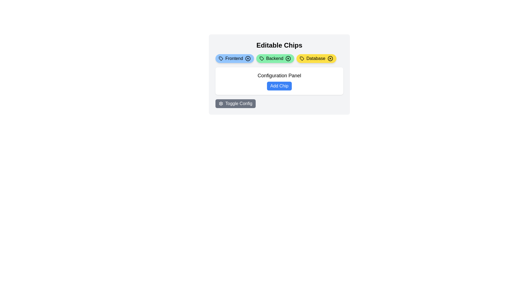 This screenshot has height=297, width=529. I want to click on close button of the chip labeled Database, so click(330, 58).